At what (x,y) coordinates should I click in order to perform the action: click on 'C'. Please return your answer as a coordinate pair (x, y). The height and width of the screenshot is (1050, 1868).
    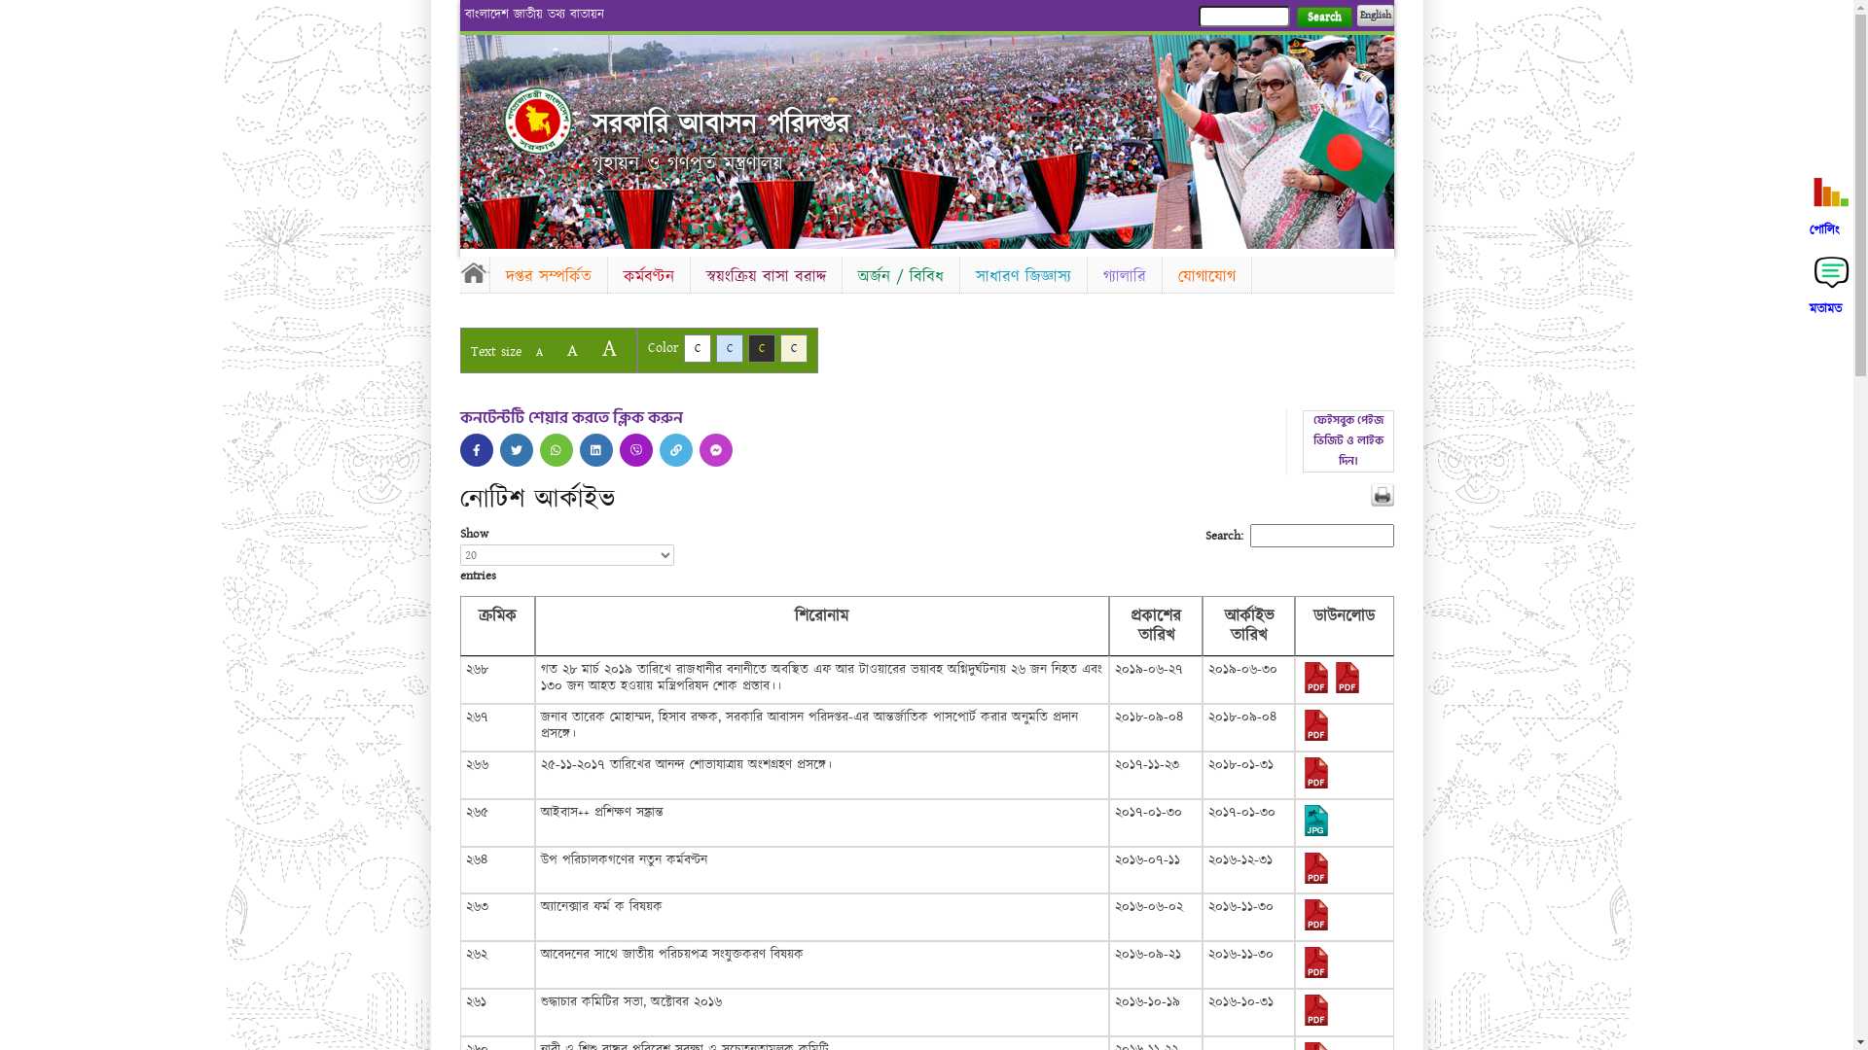
    Looking at the image, I should click on (728, 347).